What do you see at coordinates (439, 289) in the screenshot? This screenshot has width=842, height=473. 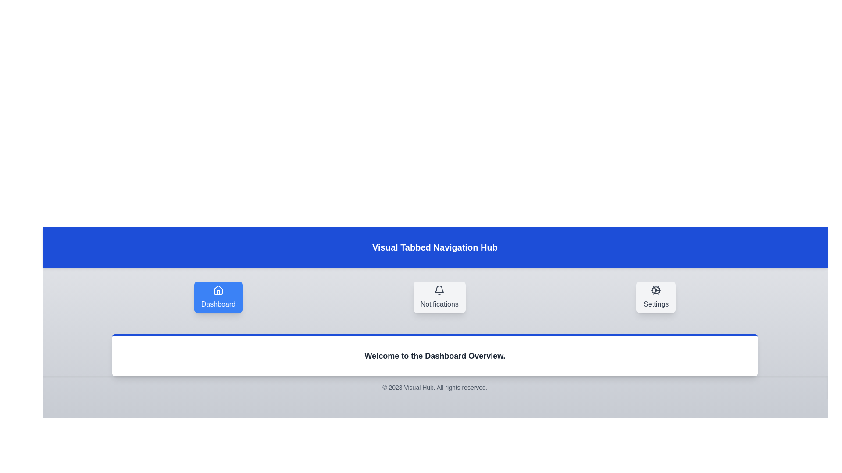 I see `upper curved structure of the bell icon located within the notification button region using browser developer tools` at bounding box center [439, 289].